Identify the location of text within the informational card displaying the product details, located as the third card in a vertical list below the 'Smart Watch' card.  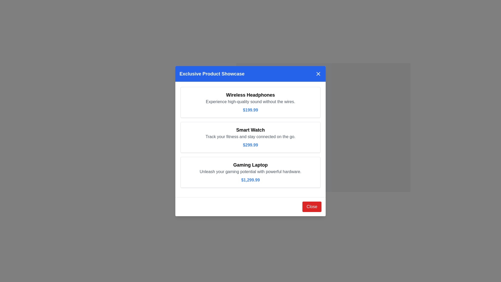
(250, 172).